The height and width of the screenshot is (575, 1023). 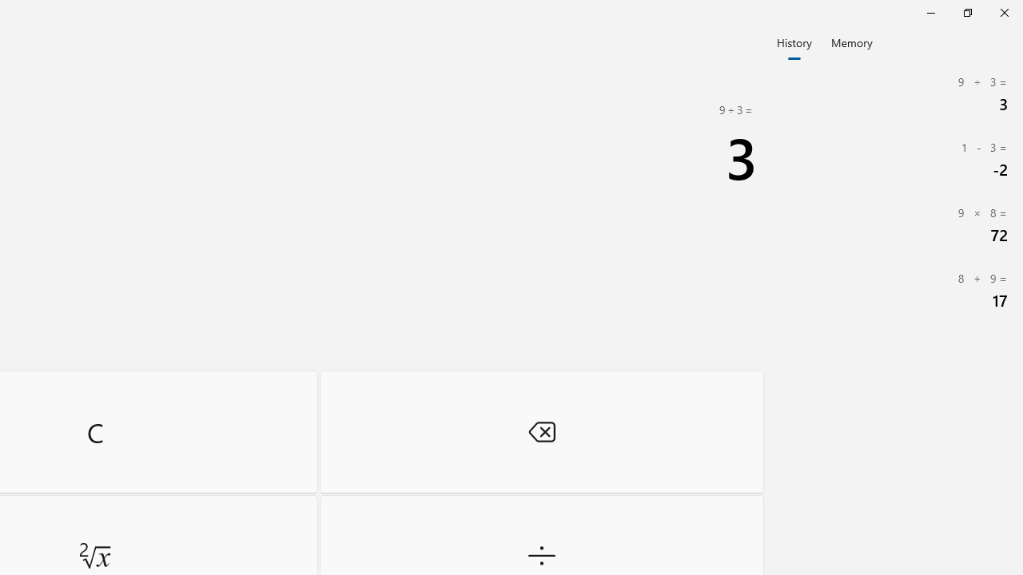 I want to click on 'History', so click(x=794, y=41).